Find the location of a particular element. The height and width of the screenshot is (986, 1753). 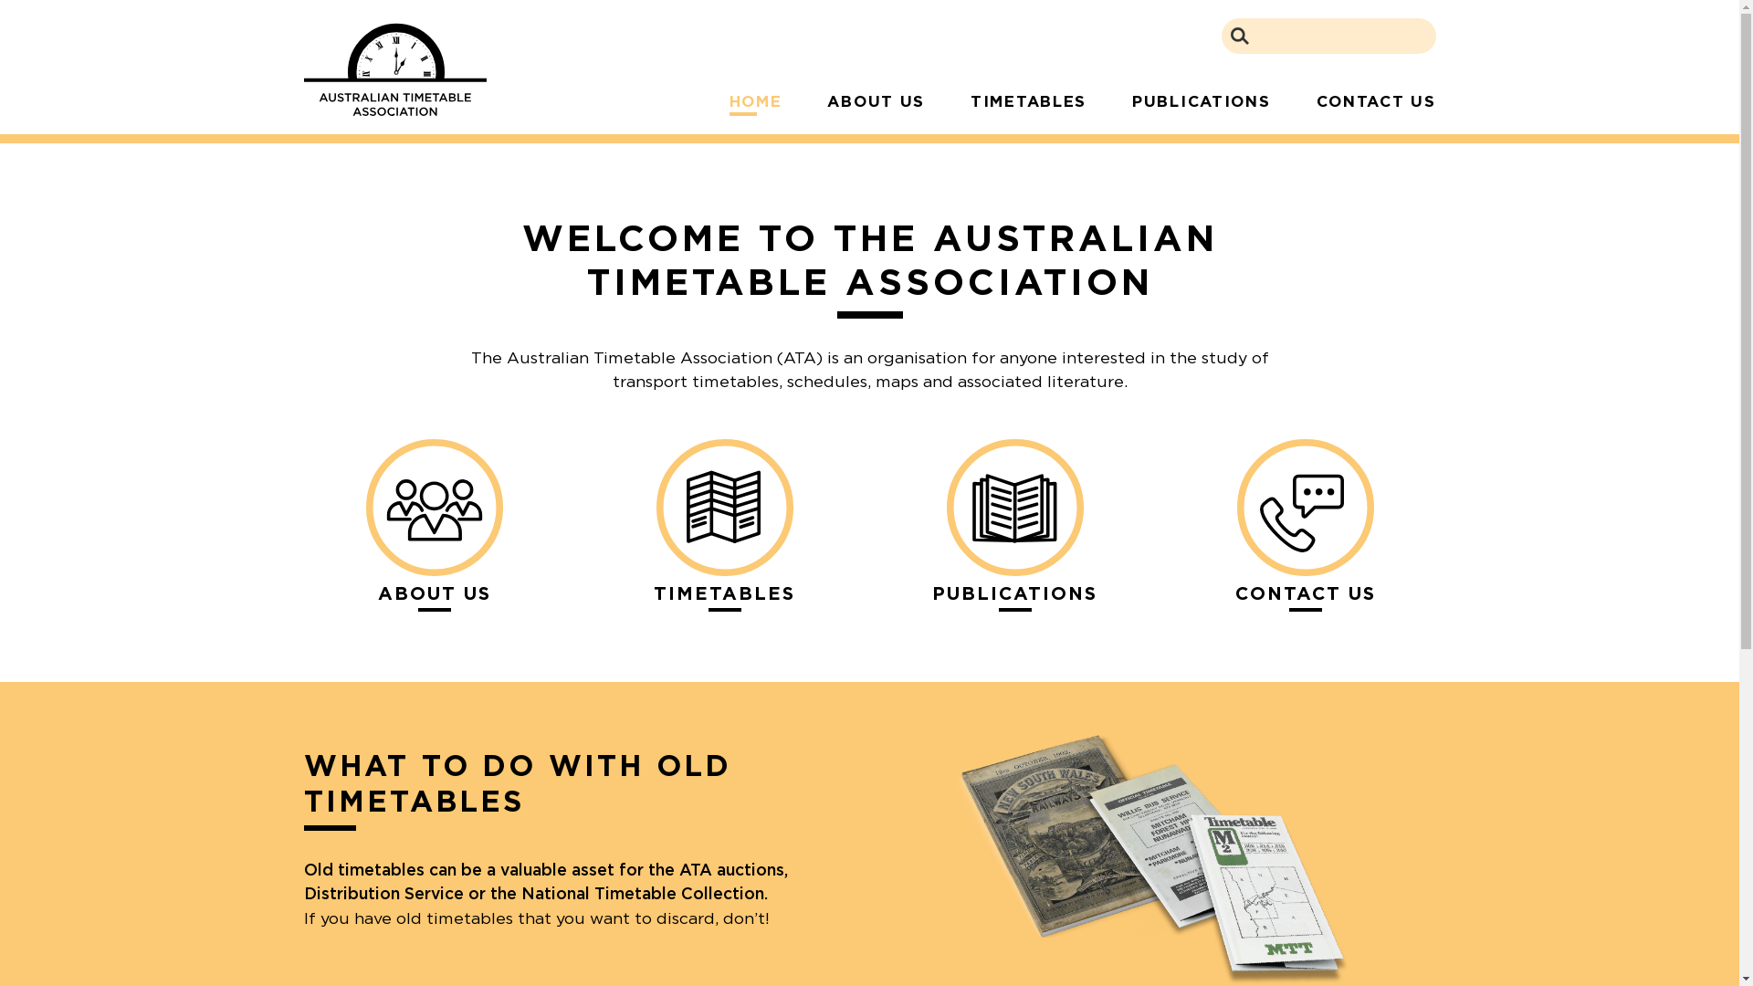

'HOME' is located at coordinates (767, 104).